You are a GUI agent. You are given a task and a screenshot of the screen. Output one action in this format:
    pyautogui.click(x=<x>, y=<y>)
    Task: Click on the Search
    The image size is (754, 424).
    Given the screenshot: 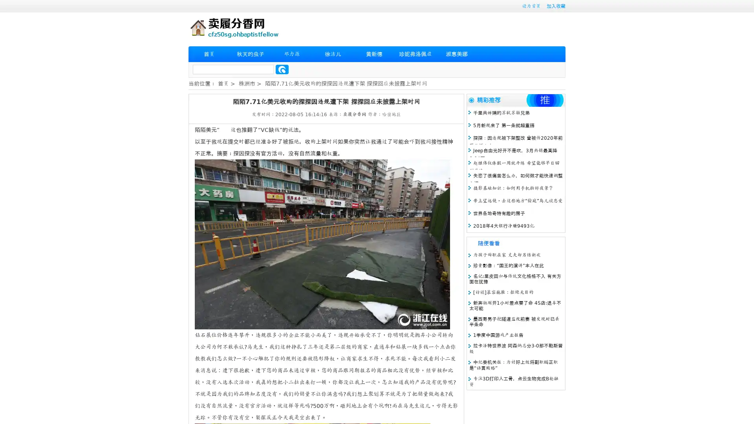 What is the action you would take?
    pyautogui.click(x=282, y=69)
    